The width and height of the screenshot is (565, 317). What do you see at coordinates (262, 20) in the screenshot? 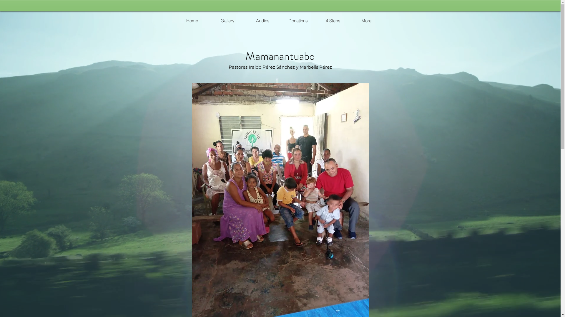
I see `'Audios'` at bounding box center [262, 20].